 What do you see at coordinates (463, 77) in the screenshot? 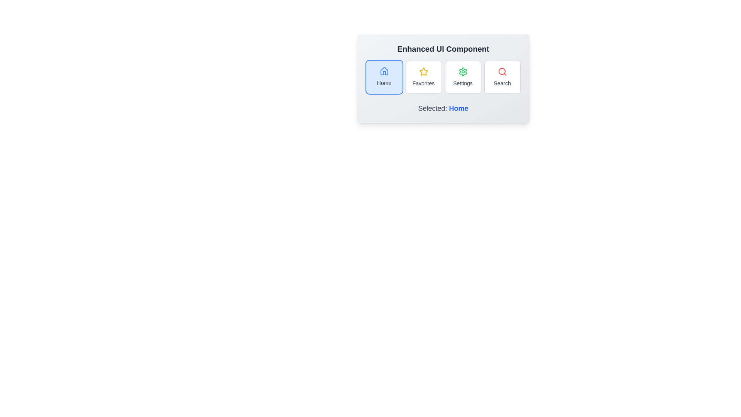
I see `the 'Settings' button` at bounding box center [463, 77].